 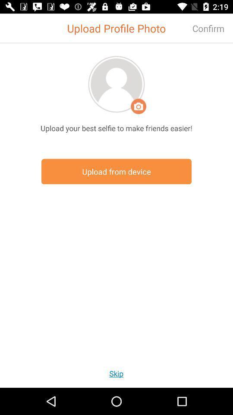 What do you see at coordinates (116, 128) in the screenshot?
I see `item above the upload from device item` at bounding box center [116, 128].